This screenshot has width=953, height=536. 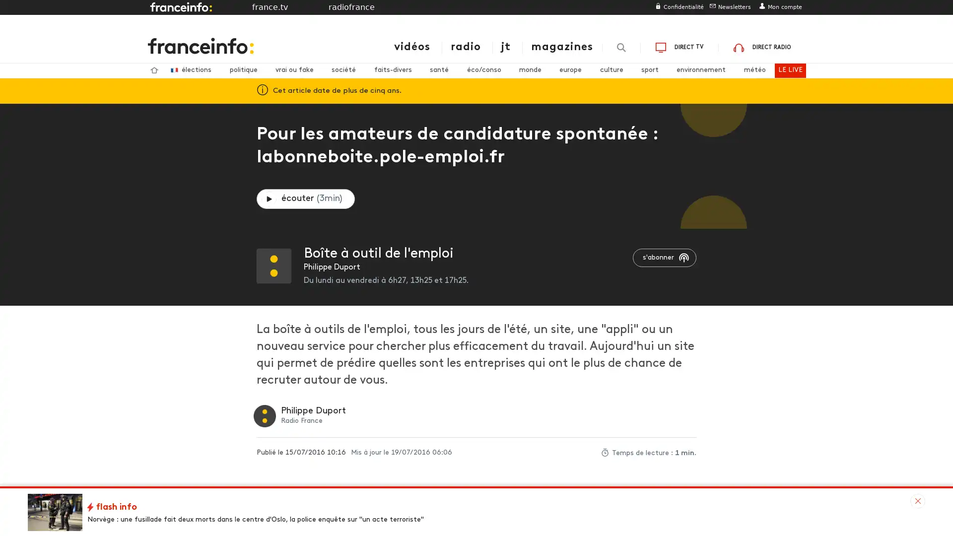 I want to click on Refuser notre traitement des donnees et fermer, so click(x=587, y=94).